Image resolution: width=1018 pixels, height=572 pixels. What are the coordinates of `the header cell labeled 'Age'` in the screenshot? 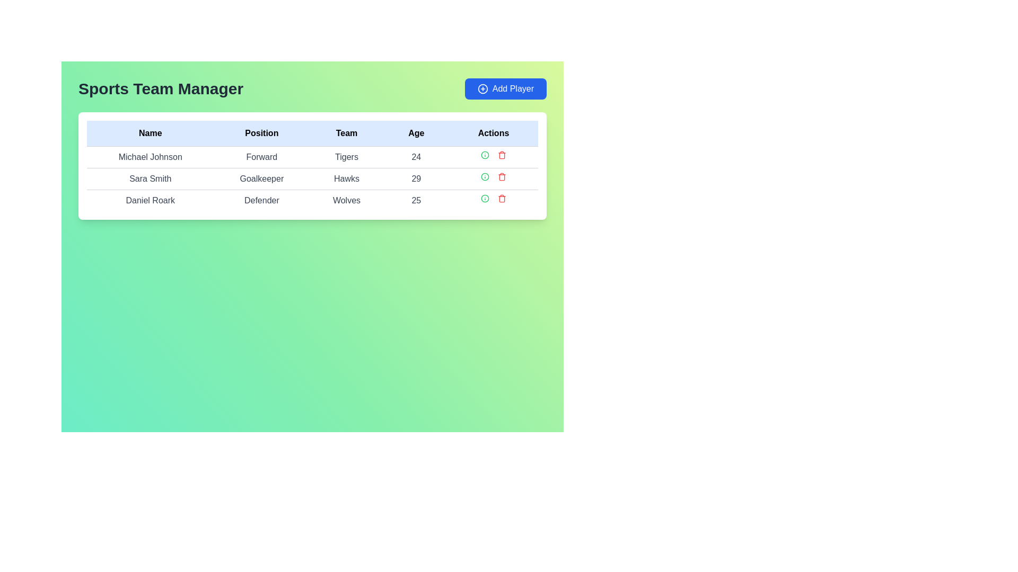 It's located at (416, 133).